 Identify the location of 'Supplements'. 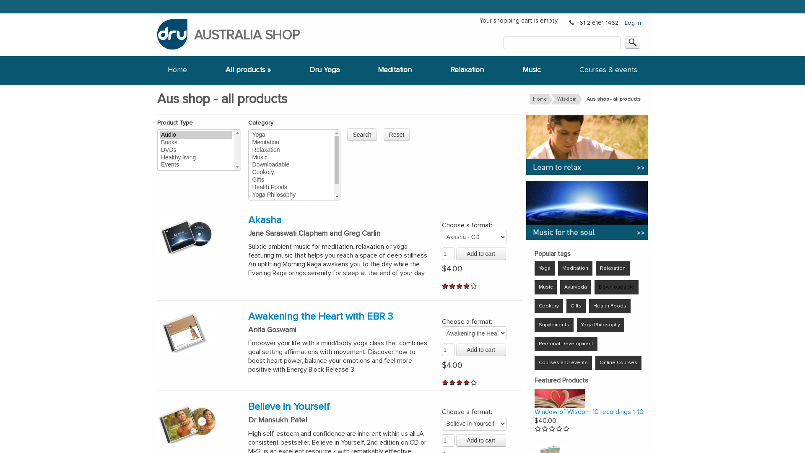
(534, 325).